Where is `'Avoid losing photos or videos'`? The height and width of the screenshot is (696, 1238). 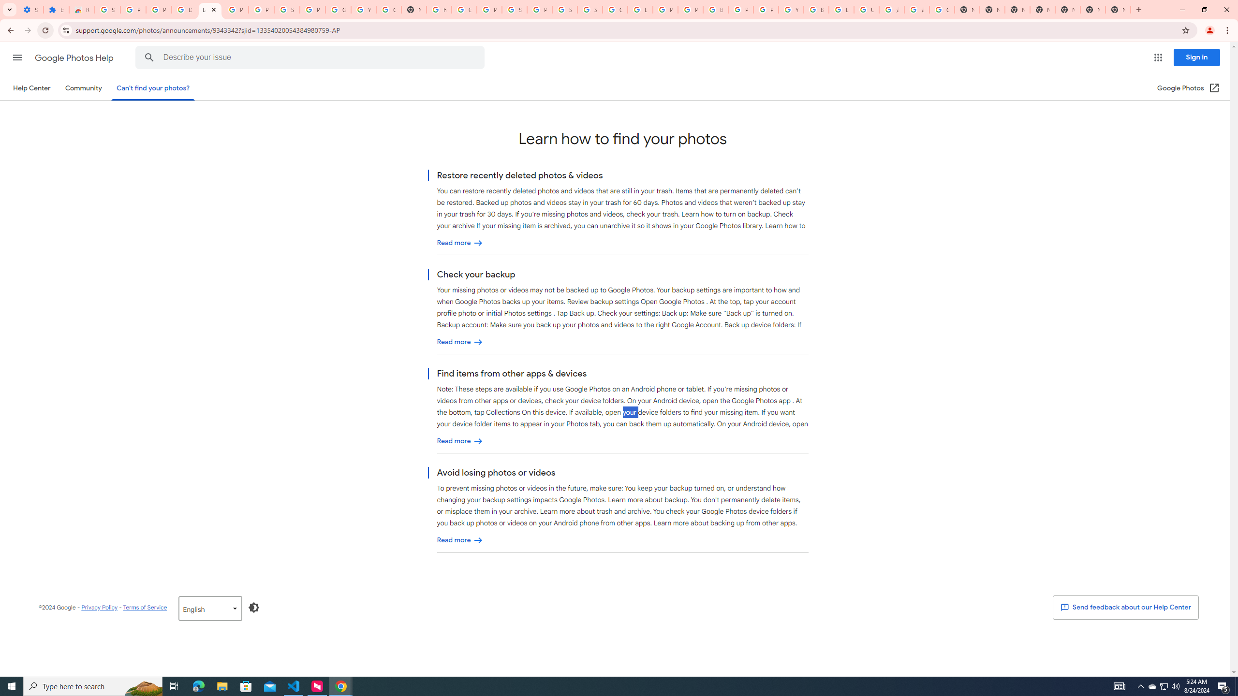
'Avoid losing photos or videos' is located at coordinates (460, 540).